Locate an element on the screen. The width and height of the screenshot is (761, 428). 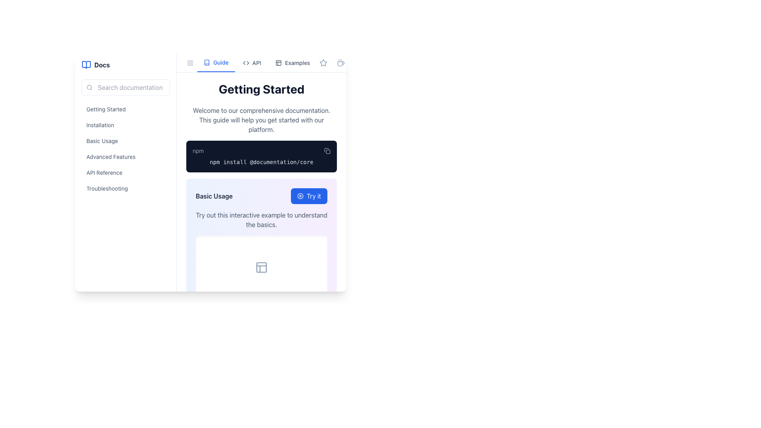
the 'Advanced Features' item in the sidebar navigation menu is located at coordinates (125, 149).